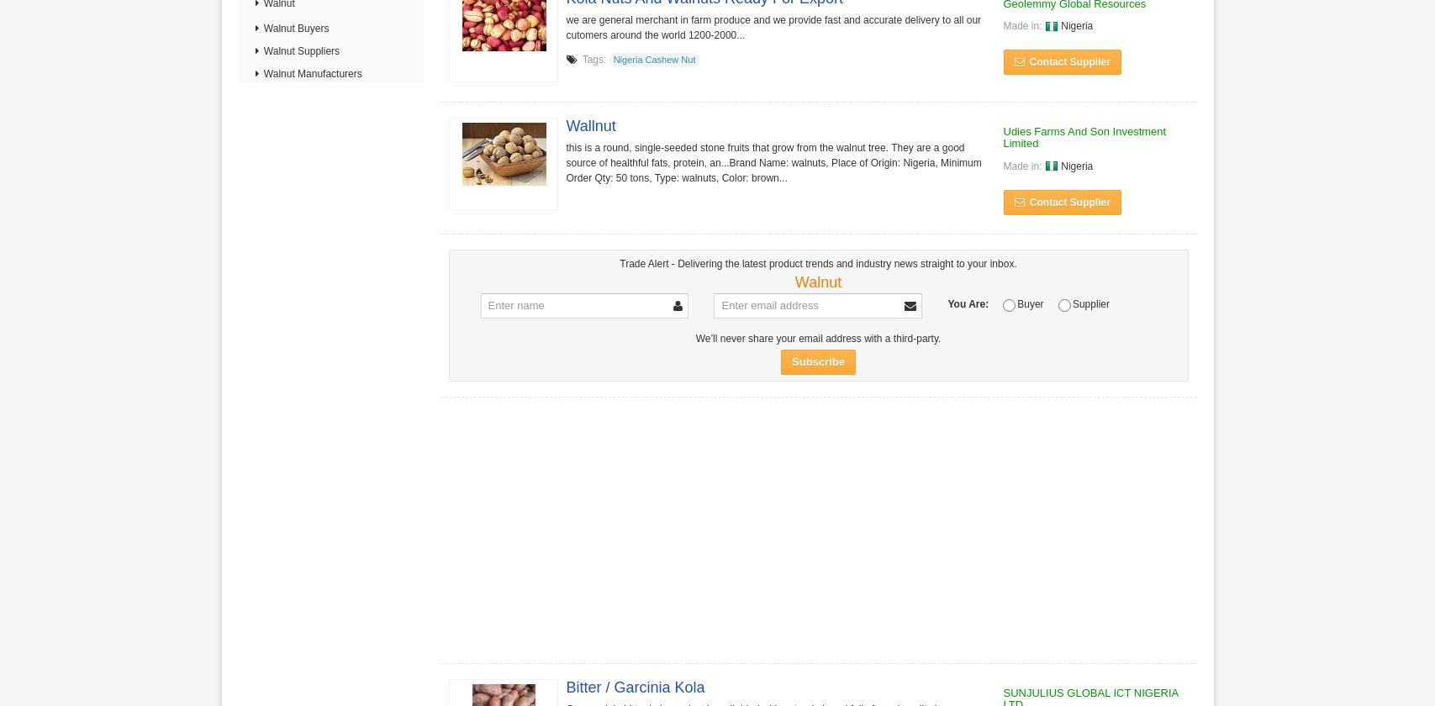 Image resolution: width=1435 pixels, height=706 pixels. What do you see at coordinates (816, 338) in the screenshot?
I see `'We’ll never share your email address with a third-party.'` at bounding box center [816, 338].